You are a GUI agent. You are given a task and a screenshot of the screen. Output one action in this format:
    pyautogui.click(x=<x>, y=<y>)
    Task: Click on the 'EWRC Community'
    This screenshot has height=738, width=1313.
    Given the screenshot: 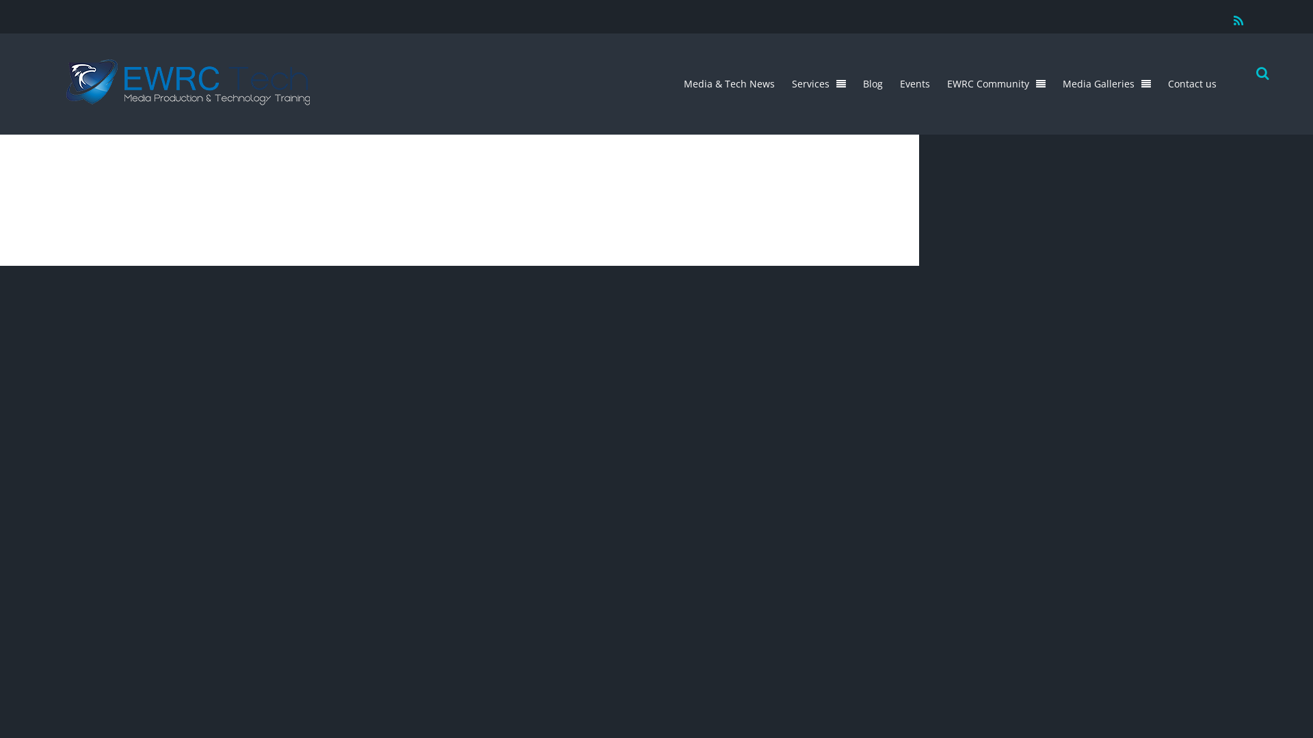 What is the action you would take?
    pyautogui.click(x=996, y=83)
    